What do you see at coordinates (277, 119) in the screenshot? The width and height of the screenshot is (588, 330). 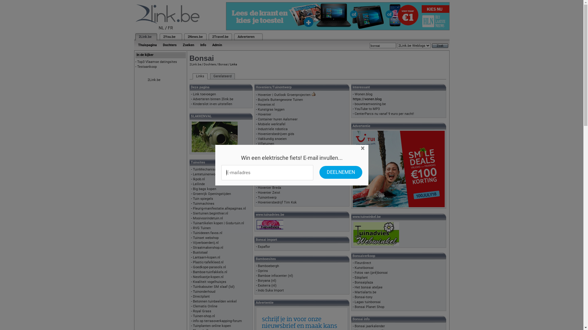 I see `'Container huren Aalsmeer'` at bounding box center [277, 119].